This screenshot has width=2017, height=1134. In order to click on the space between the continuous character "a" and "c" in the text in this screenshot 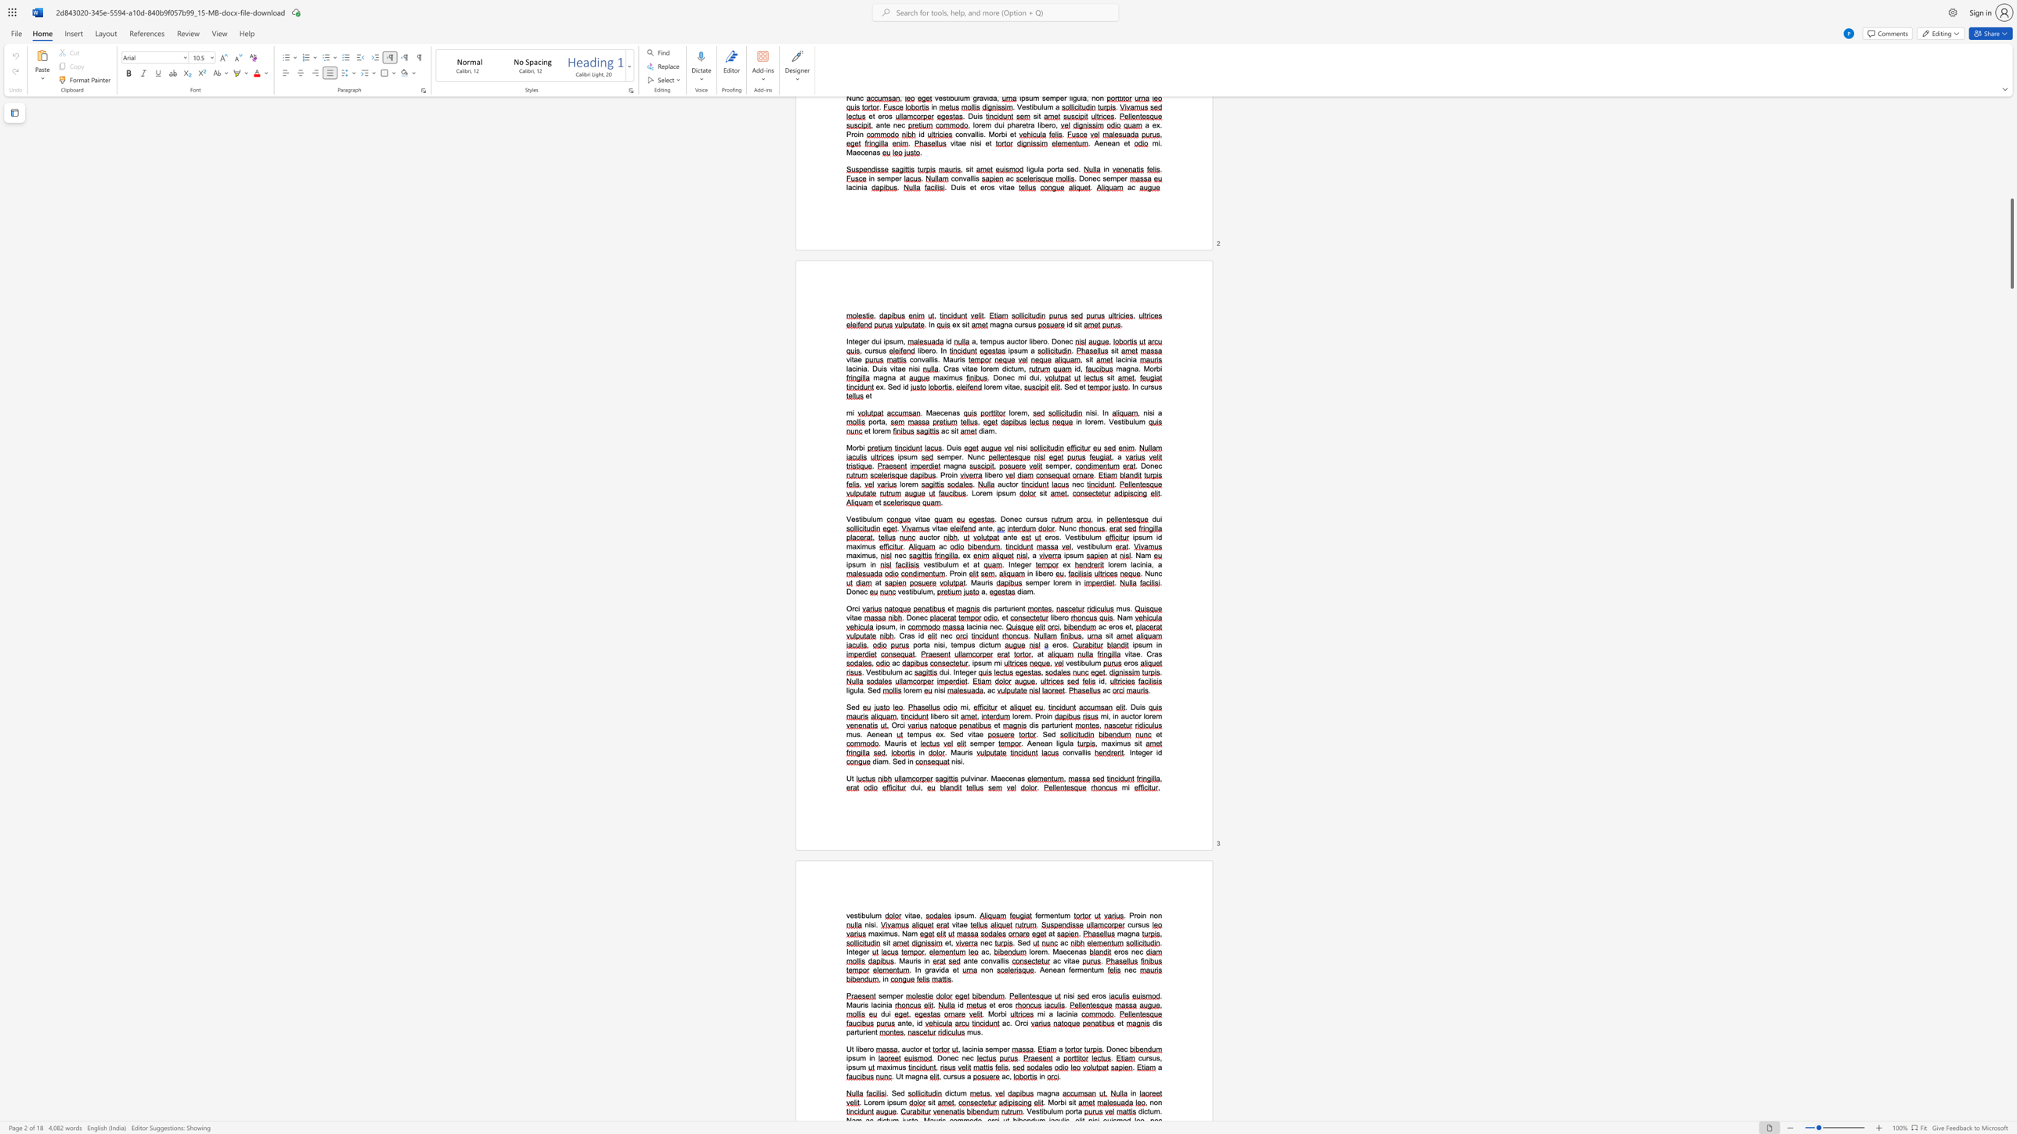, I will do `click(1056, 960)`.